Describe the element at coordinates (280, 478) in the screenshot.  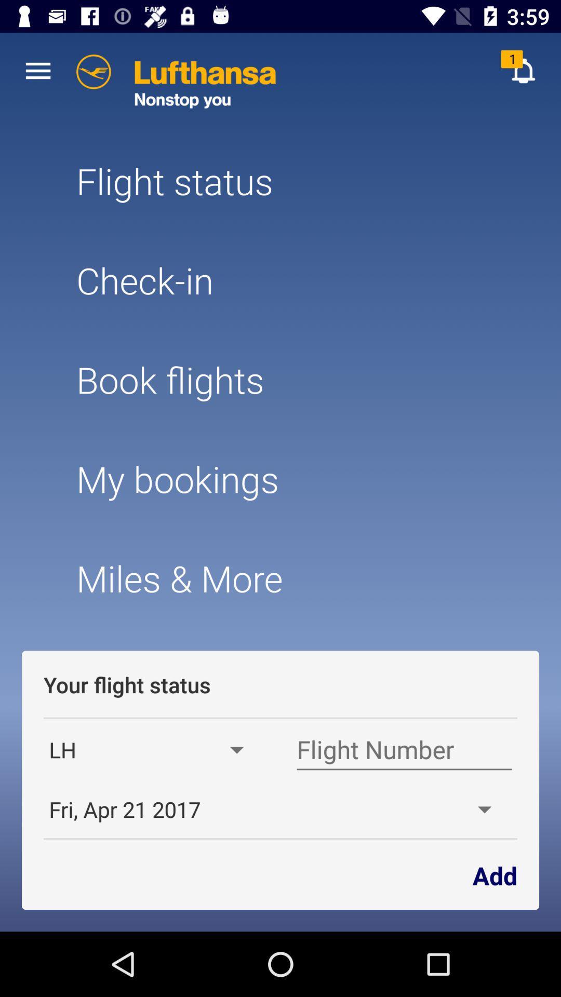
I see `icon below book flights icon` at that location.